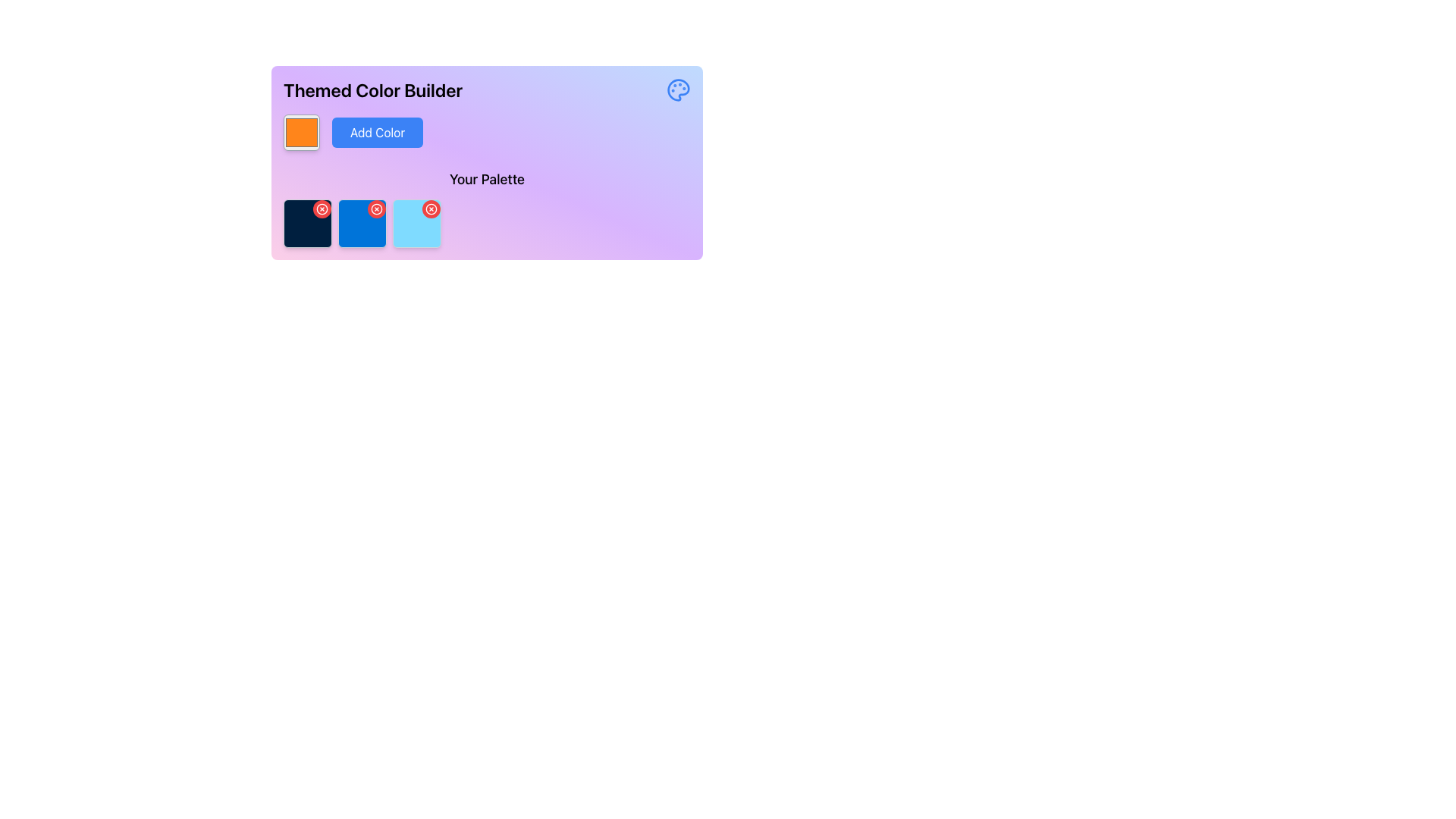 This screenshot has height=819, width=1456. Describe the element at coordinates (377, 209) in the screenshot. I see `the circular red 'X' button in the top-right corner of the second color block in the 'Your Palette' section` at that location.